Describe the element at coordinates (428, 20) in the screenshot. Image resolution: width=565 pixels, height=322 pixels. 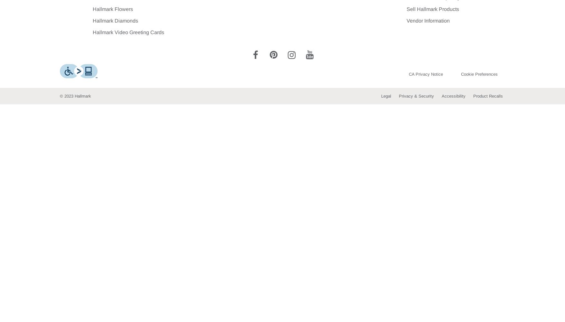
I see `'Vendor Information'` at that location.